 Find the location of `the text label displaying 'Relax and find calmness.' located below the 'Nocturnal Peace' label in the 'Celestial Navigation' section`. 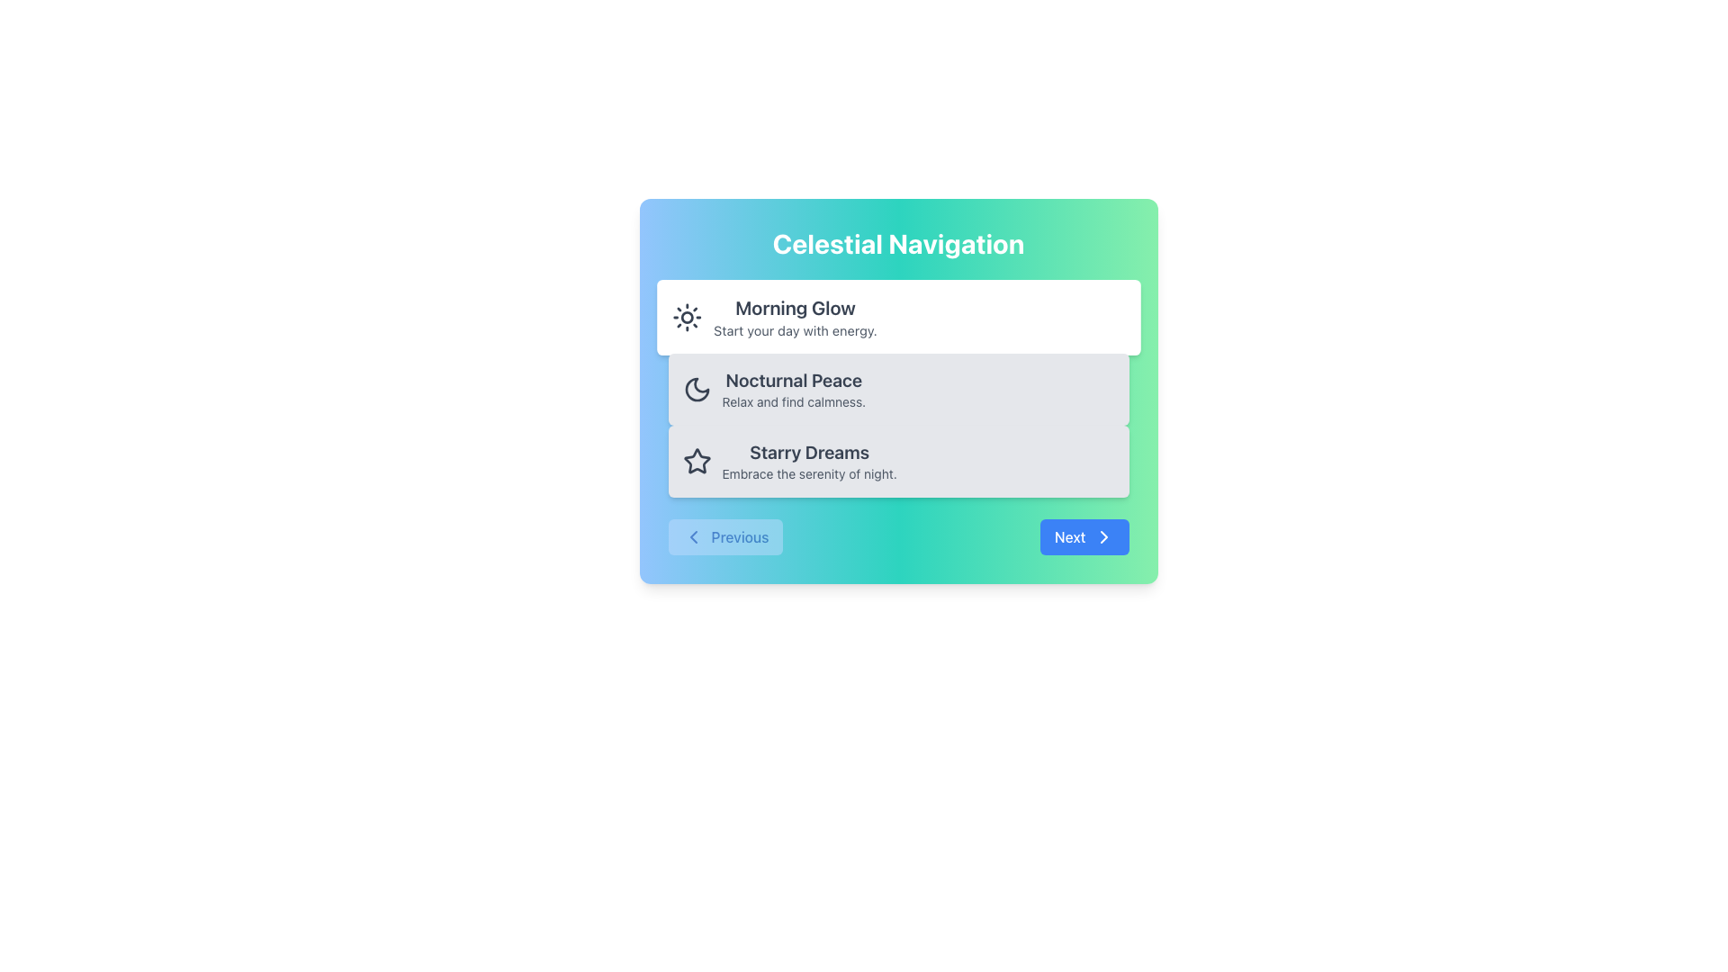

the text label displaying 'Relax and find calmness.' located below the 'Nocturnal Peace' label in the 'Celestial Navigation' section is located at coordinates (793, 401).